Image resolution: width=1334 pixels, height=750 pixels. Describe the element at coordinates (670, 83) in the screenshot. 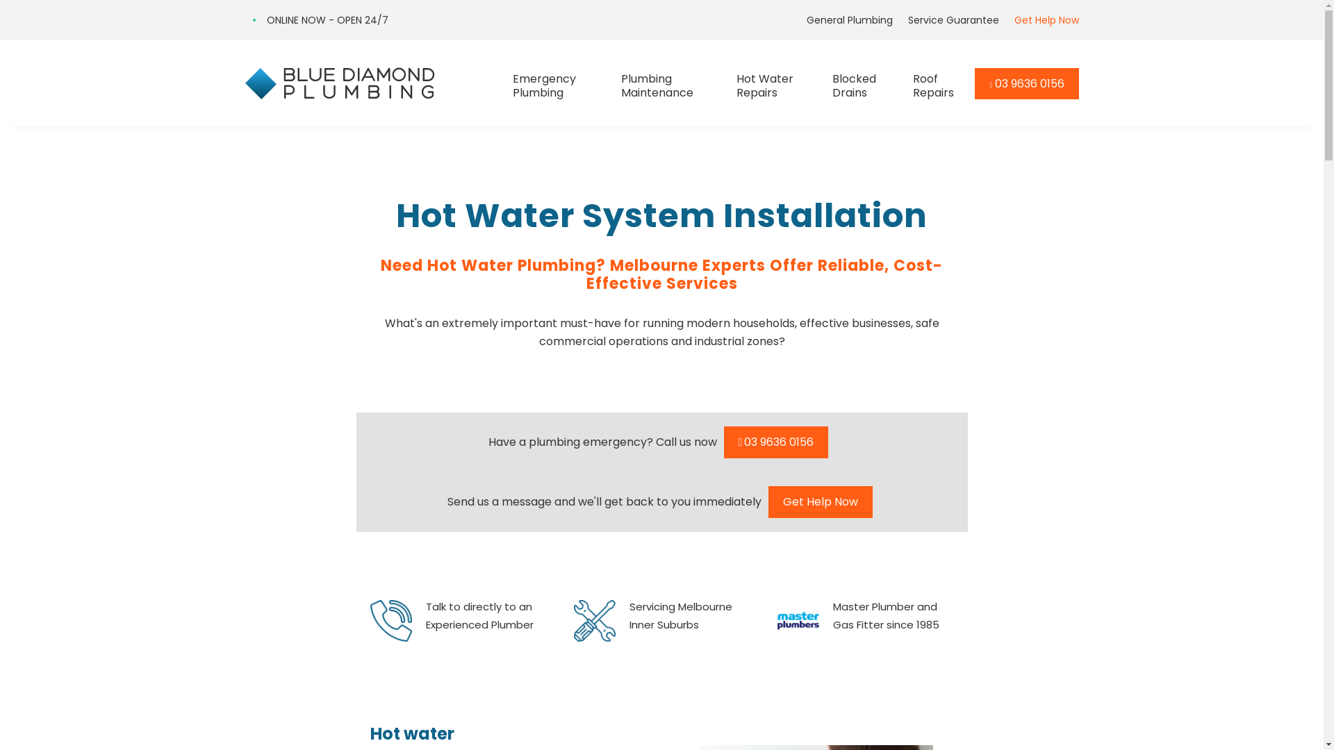

I see `'Plumbing Maintenance'` at that location.